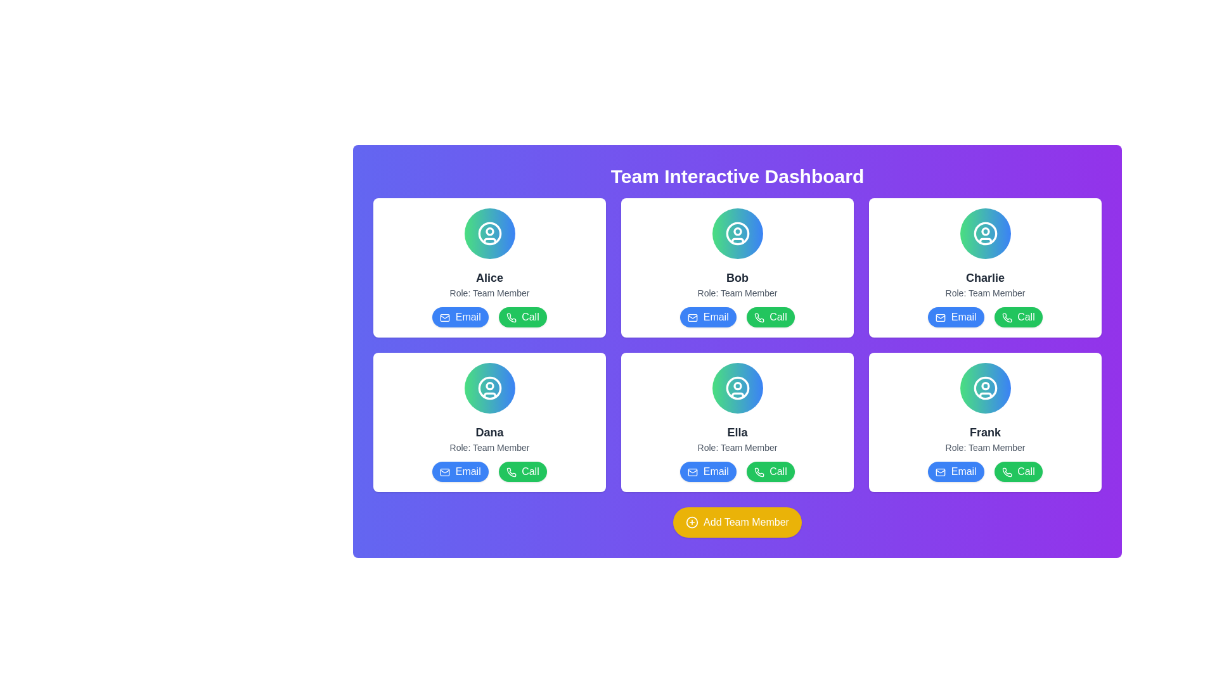  What do you see at coordinates (489, 234) in the screenshot?
I see `the user's profile icon represented within the top-left panel labeled 'Alice' as a 'Team Member.'` at bounding box center [489, 234].